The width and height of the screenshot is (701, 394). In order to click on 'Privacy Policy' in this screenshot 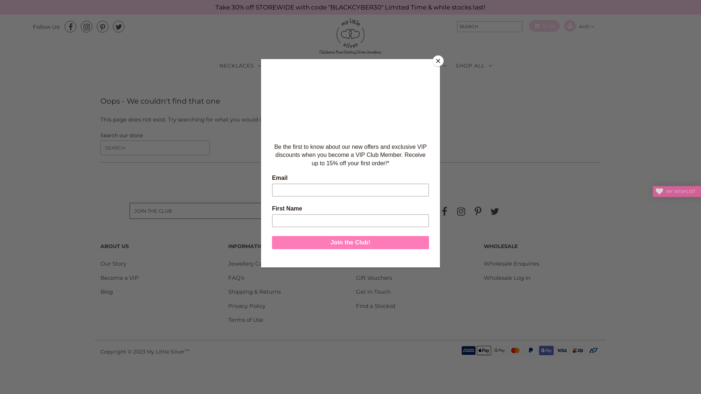, I will do `click(247, 306)`.